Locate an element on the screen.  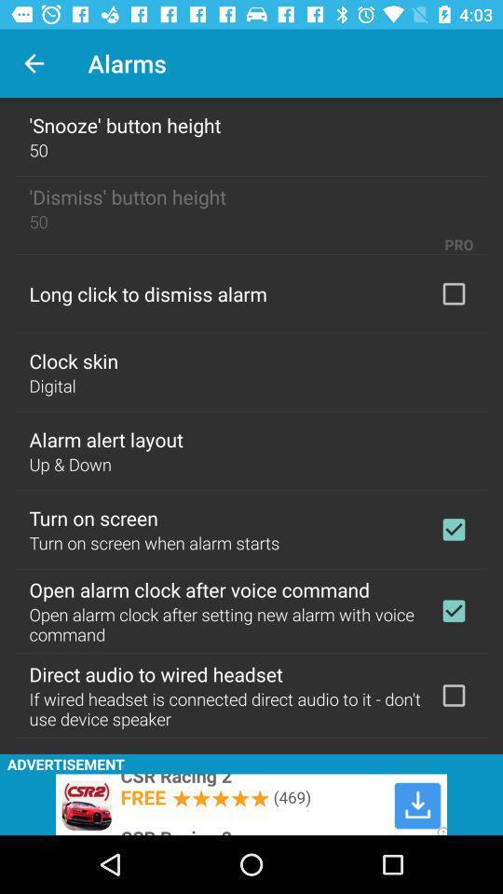
settings is located at coordinates (453, 694).